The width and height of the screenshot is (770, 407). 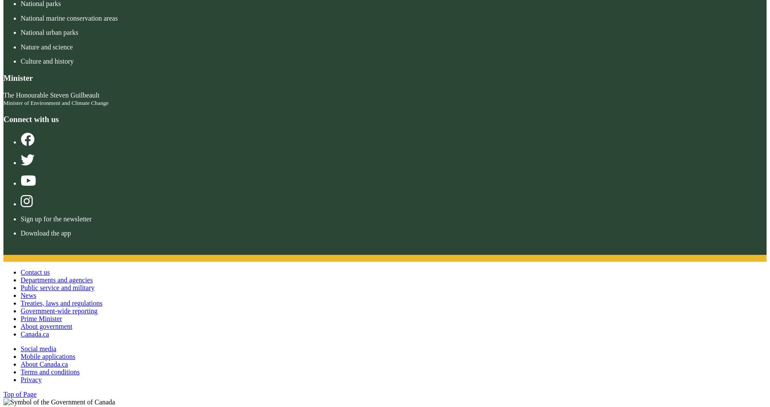 I want to click on 'News', so click(x=28, y=294).